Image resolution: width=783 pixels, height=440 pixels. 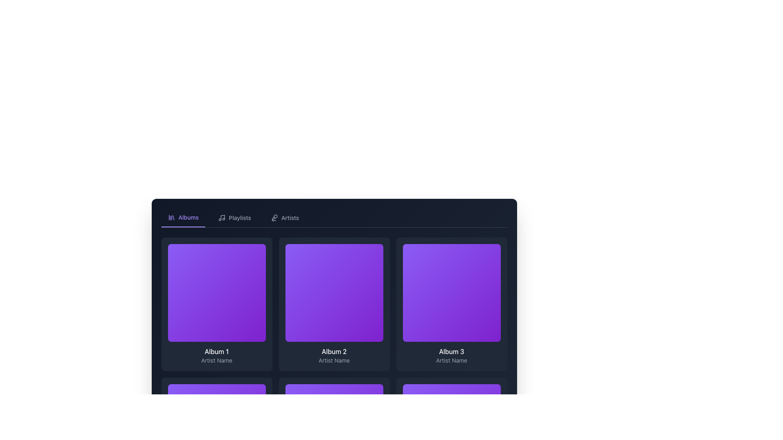 What do you see at coordinates (173, 217) in the screenshot?
I see `the rightmost slanted line of the SVG library icon located in the top navigation bar` at bounding box center [173, 217].